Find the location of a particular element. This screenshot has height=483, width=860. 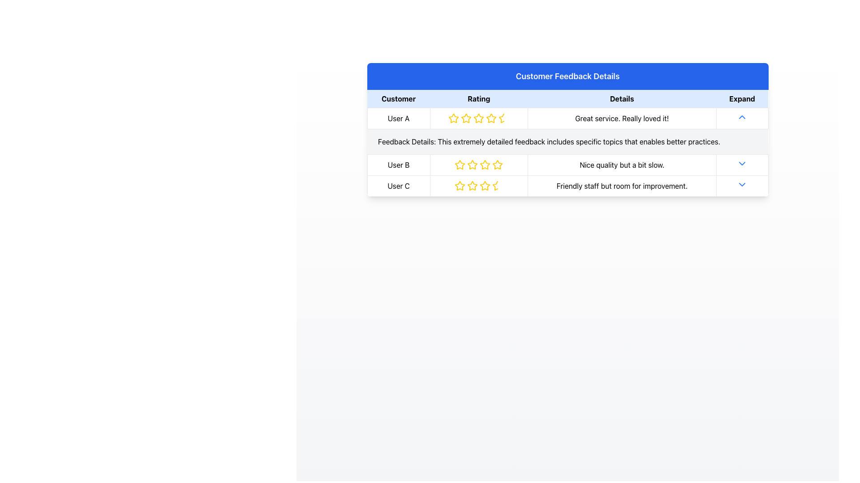

text label identifying the user, which is 'User C', located in the 'Customer' column of the third data row in the table is located at coordinates (398, 186).